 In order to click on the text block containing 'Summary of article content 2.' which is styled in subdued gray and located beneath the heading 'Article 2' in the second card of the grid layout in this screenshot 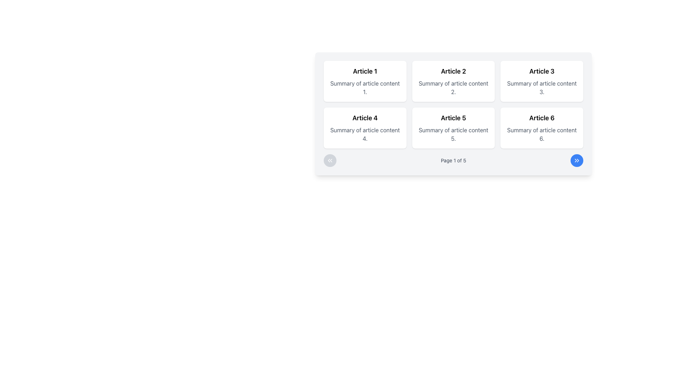, I will do `click(453, 87)`.